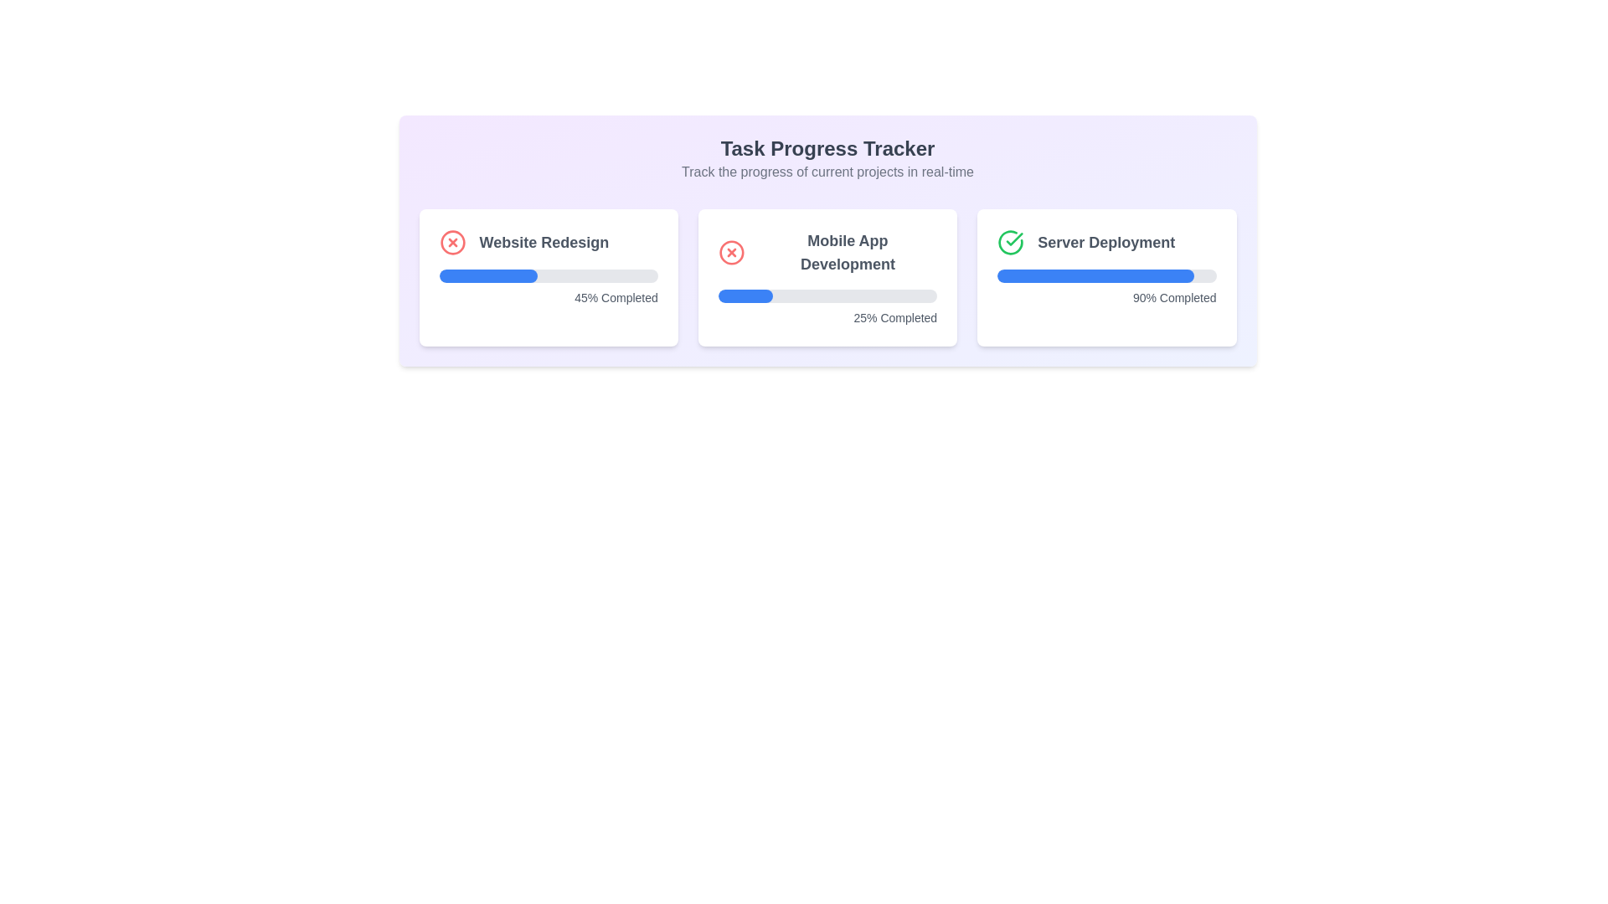  I want to click on the visual progress of the blue portion of the progress bar indicating '45% Completed' within the 'Website Redesign' card, so click(487, 275).